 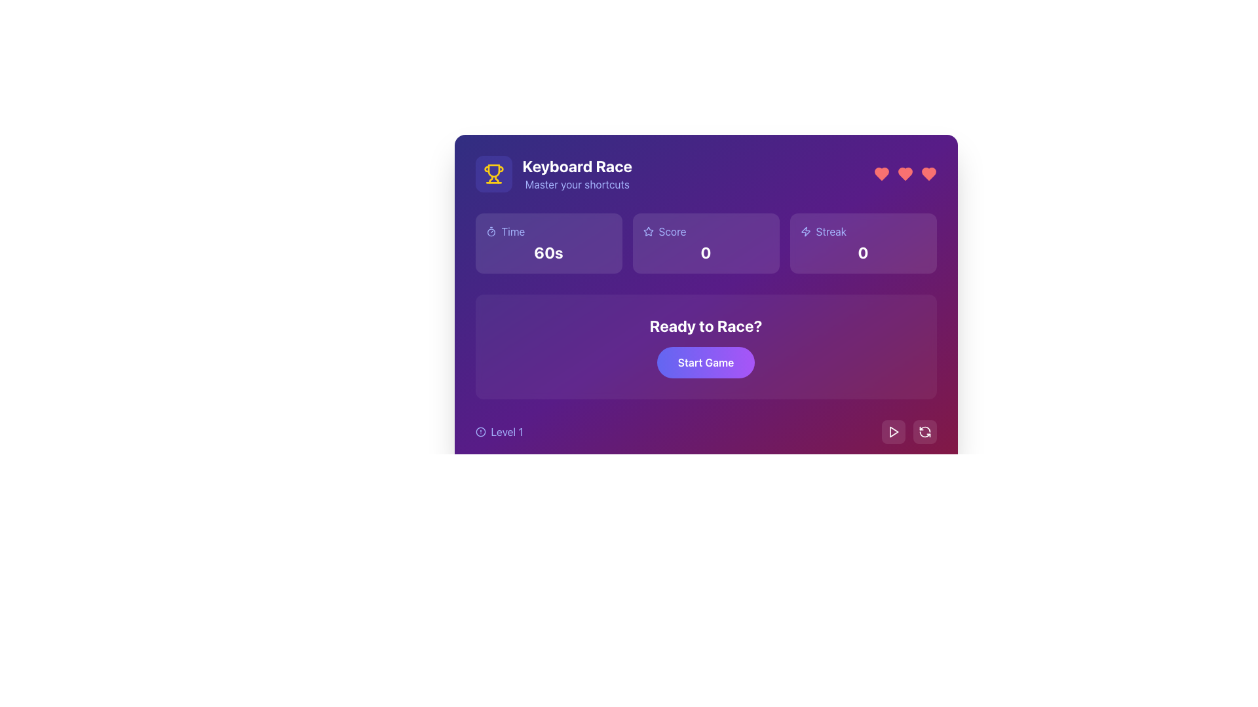 I want to click on the informational card displaying the current score in the 'Keyboard Race' game, which is centrally located between the 'Time' and 'Streak' sections, so click(x=705, y=243).